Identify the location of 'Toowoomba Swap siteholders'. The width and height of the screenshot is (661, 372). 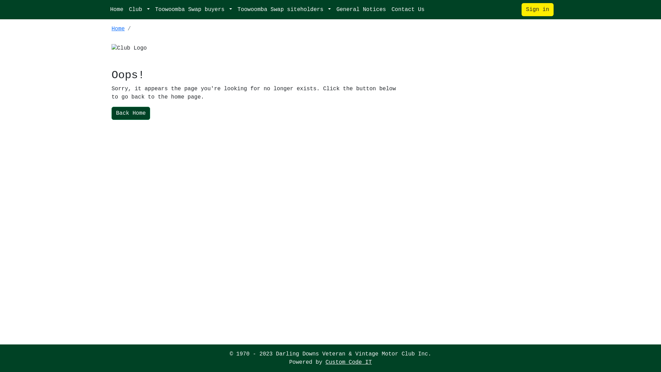
(284, 9).